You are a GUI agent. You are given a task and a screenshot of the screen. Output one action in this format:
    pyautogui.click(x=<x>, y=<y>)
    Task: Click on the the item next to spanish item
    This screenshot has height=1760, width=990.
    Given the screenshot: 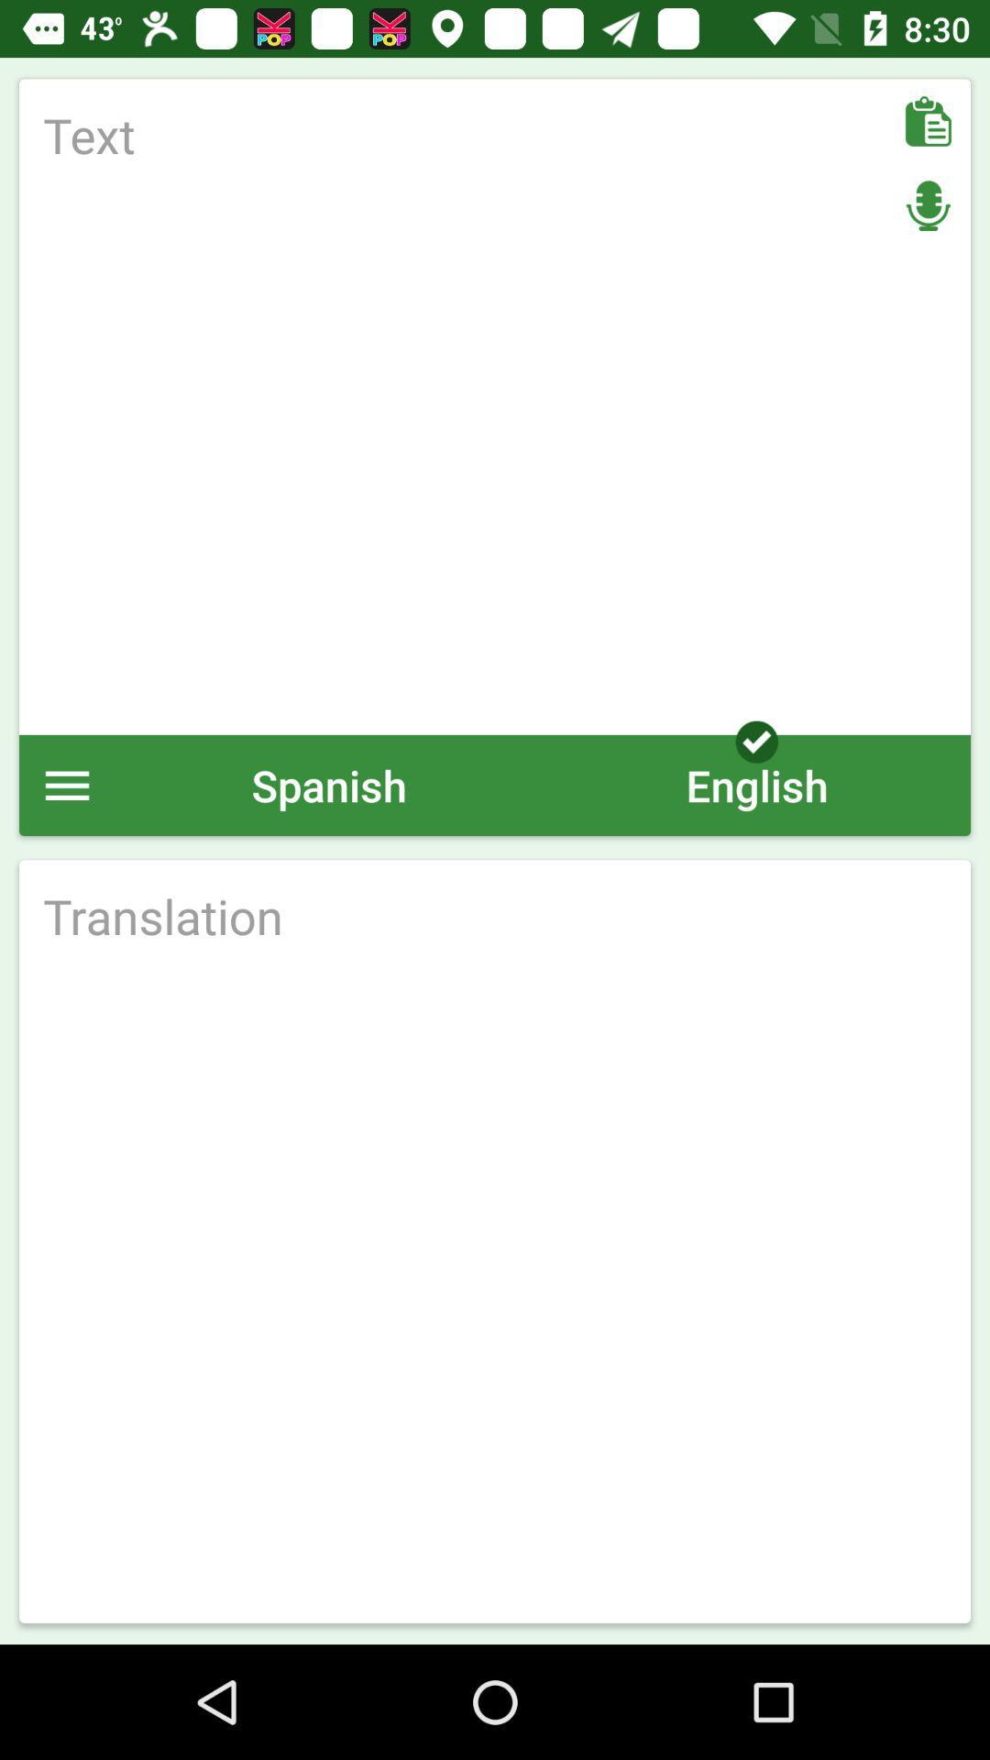 What is the action you would take?
    pyautogui.click(x=66, y=785)
    